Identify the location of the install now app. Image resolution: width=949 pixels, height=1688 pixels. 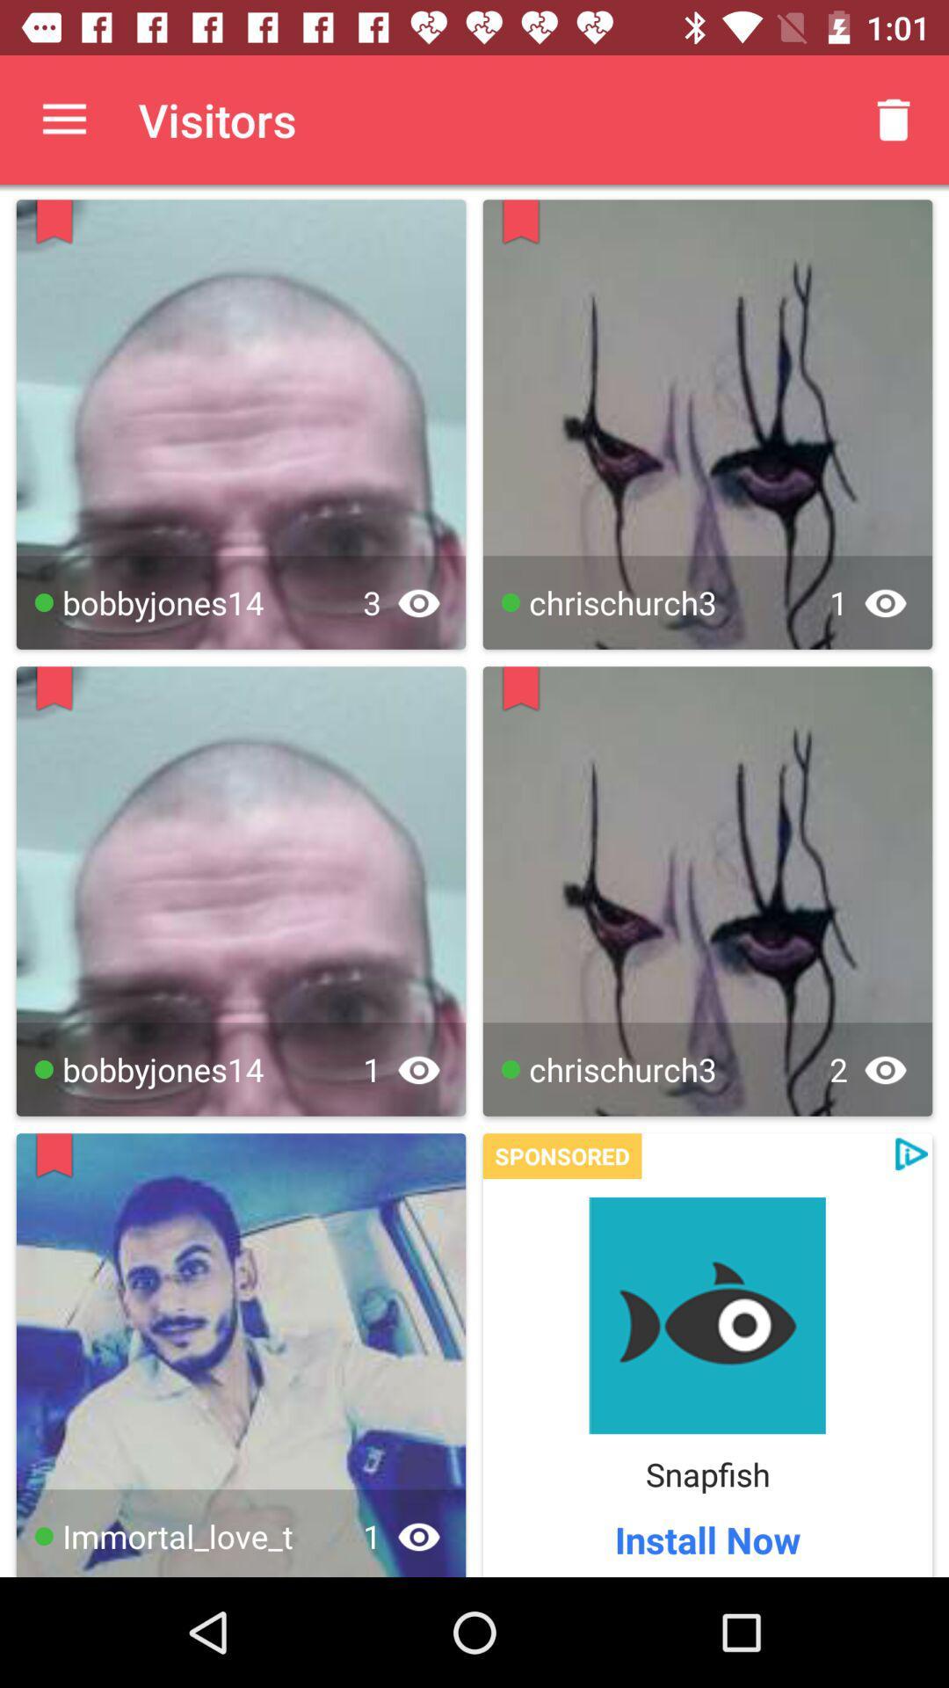
(706, 1539).